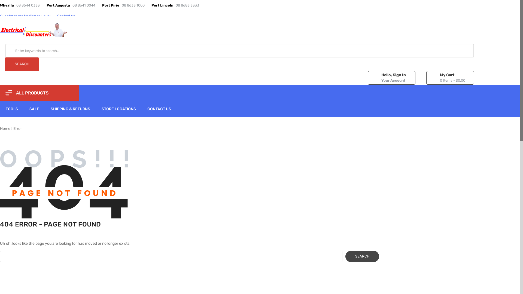 The width and height of the screenshot is (523, 294). I want to click on 'Whyalla', so click(7, 5).